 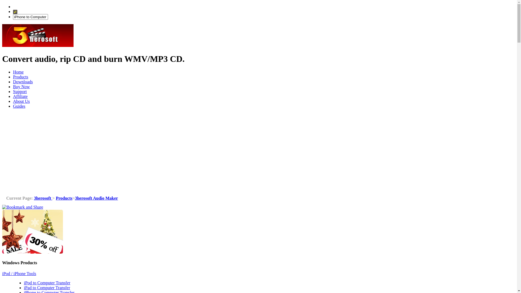 I want to click on 'Buy Now', so click(x=21, y=86).